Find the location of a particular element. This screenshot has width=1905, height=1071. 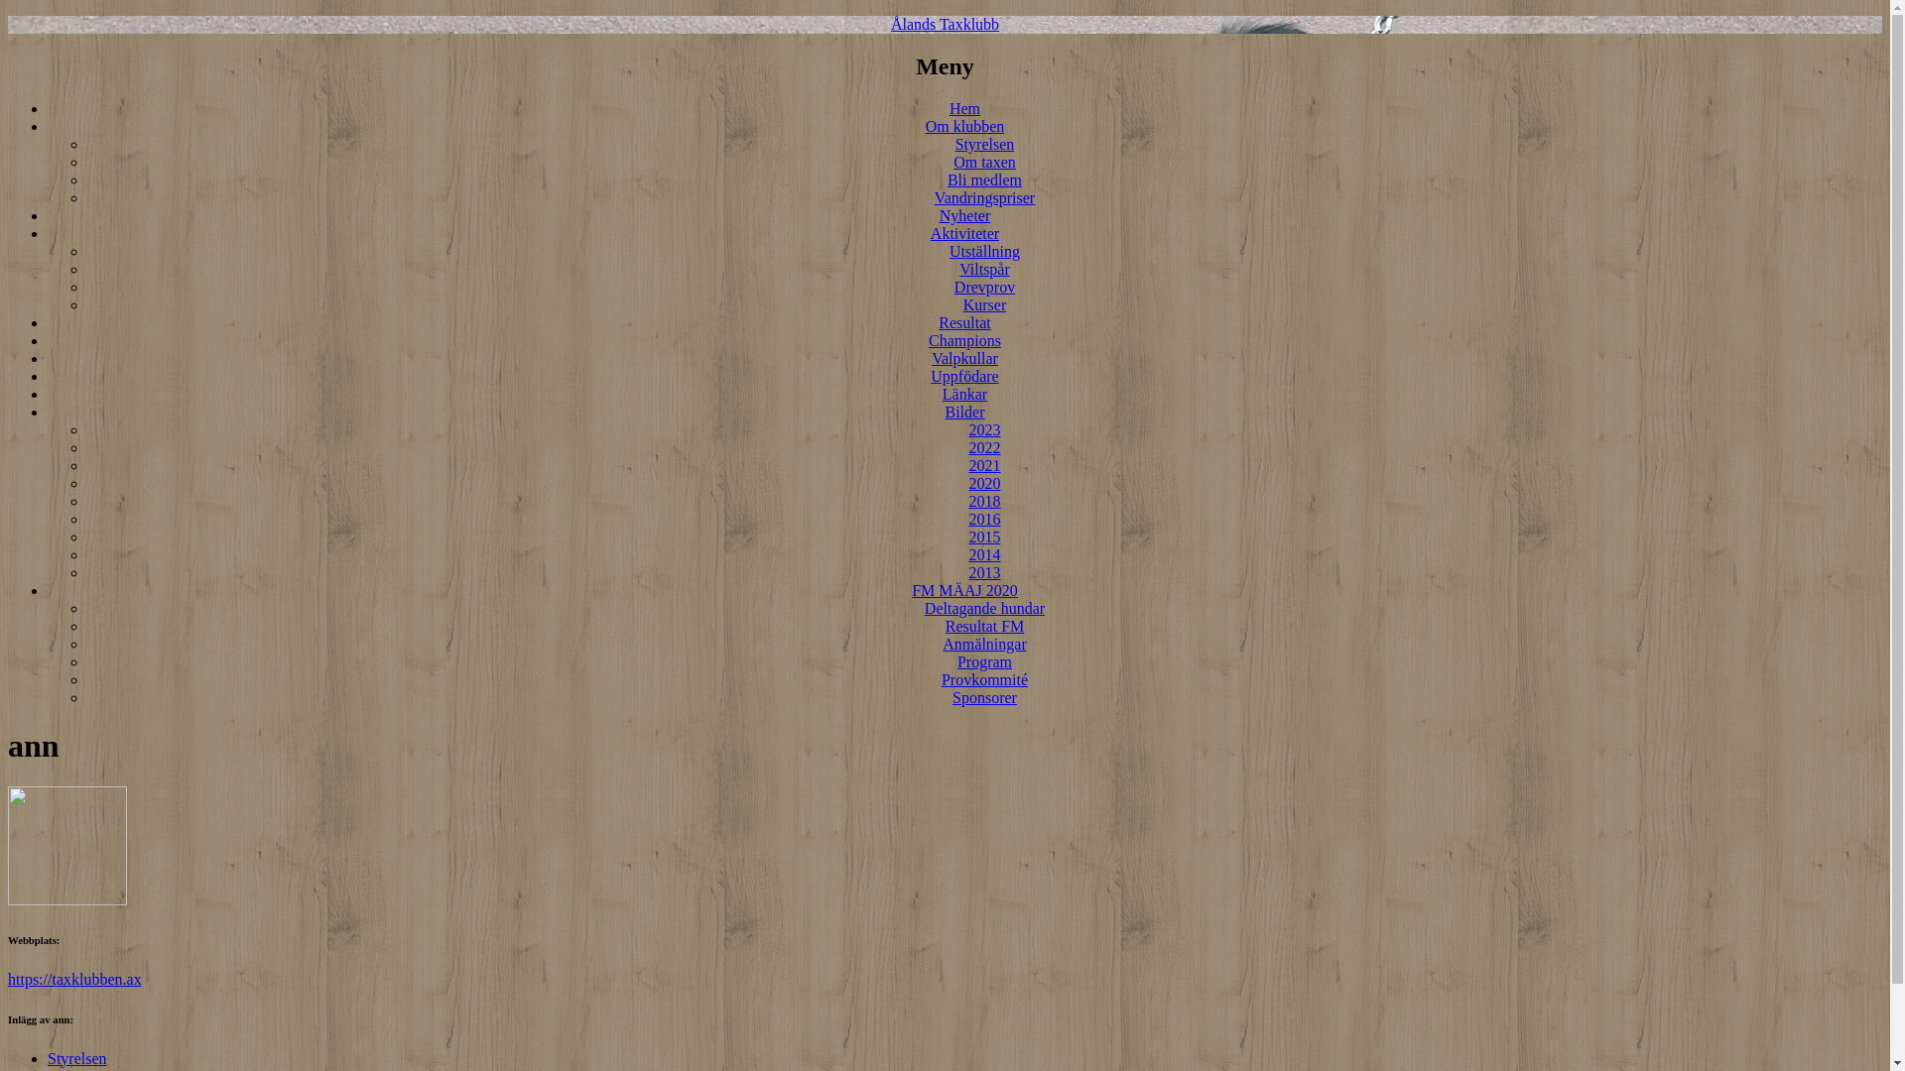

'Om taxen' is located at coordinates (984, 161).